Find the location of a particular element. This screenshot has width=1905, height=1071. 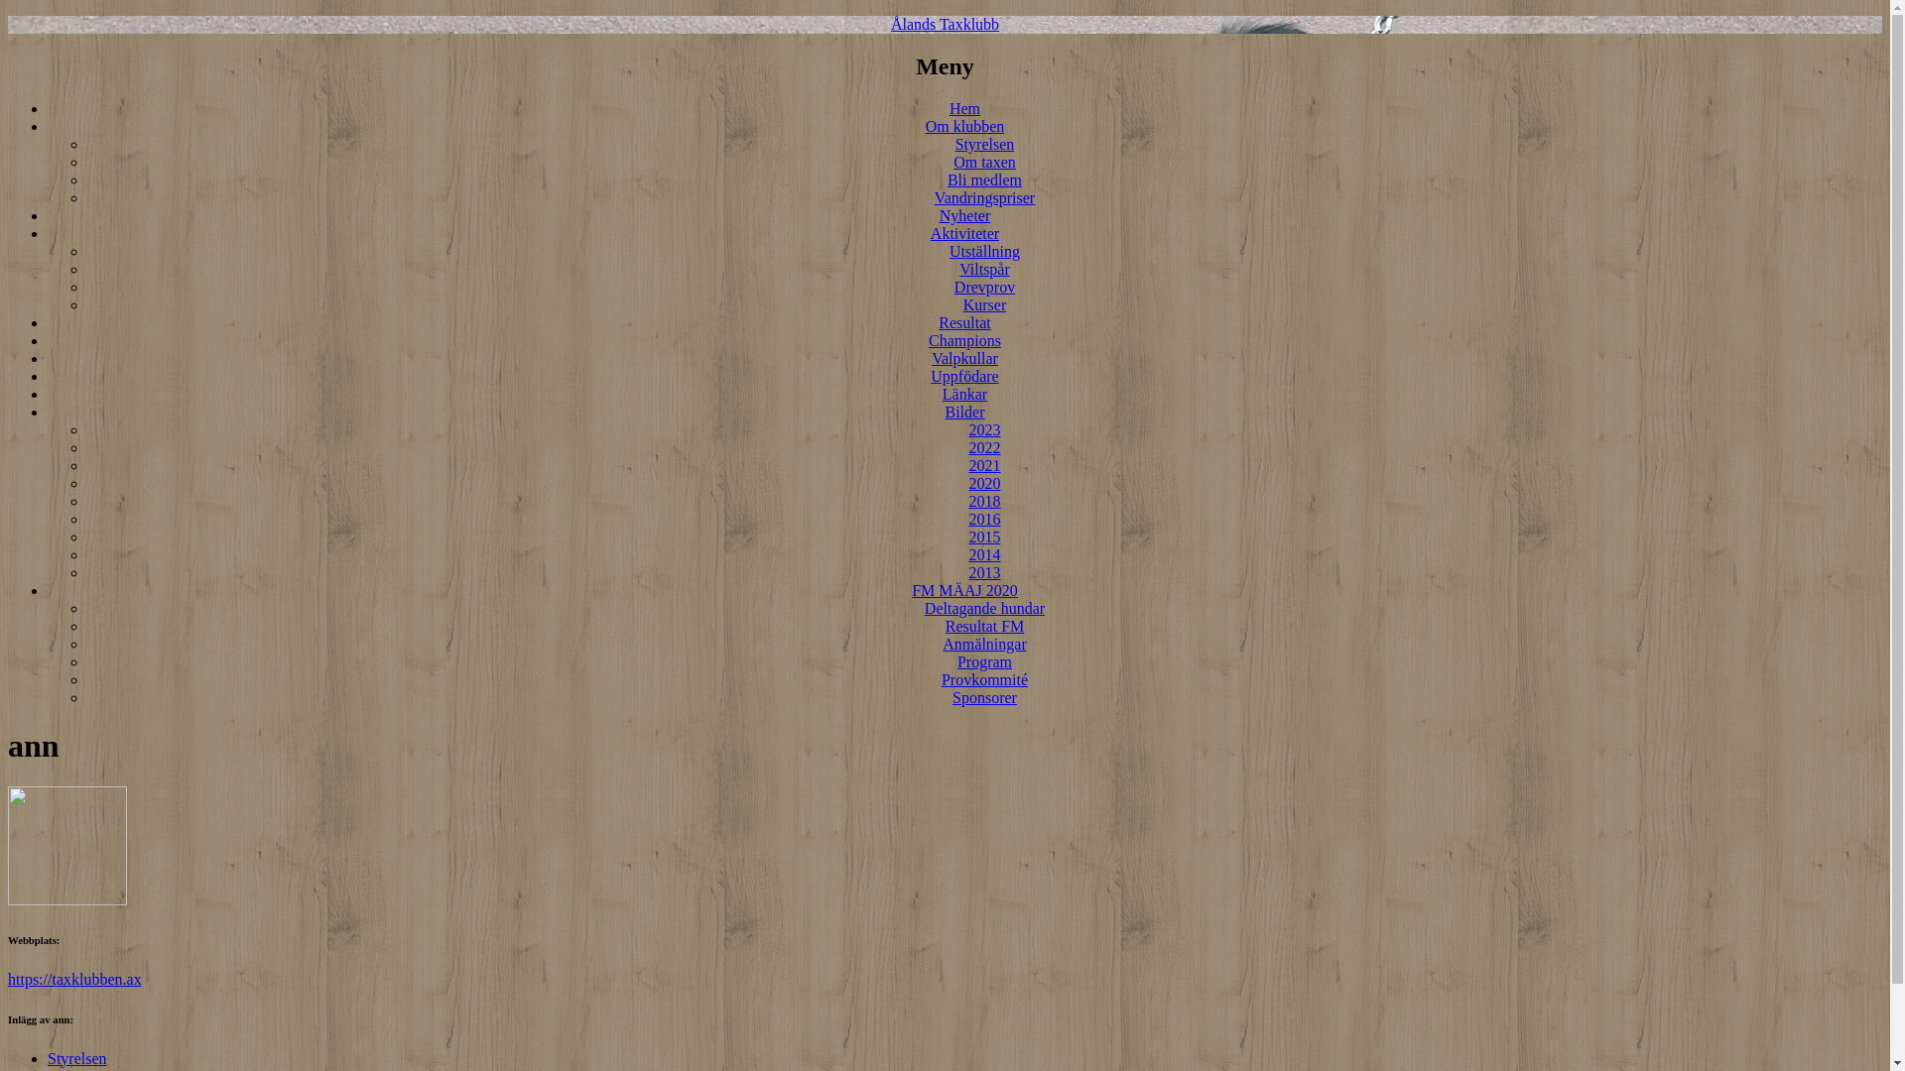

'Om taxen' is located at coordinates (984, 161).